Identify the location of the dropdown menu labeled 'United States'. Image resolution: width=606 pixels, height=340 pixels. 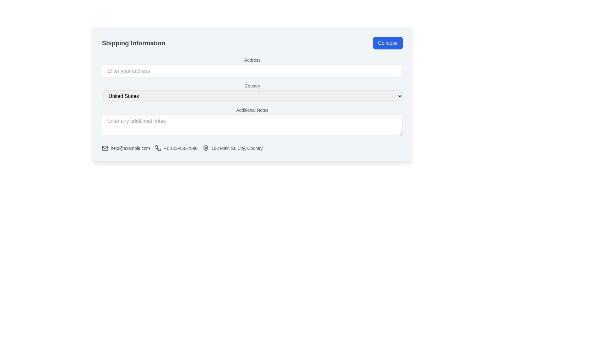
(252, 96).